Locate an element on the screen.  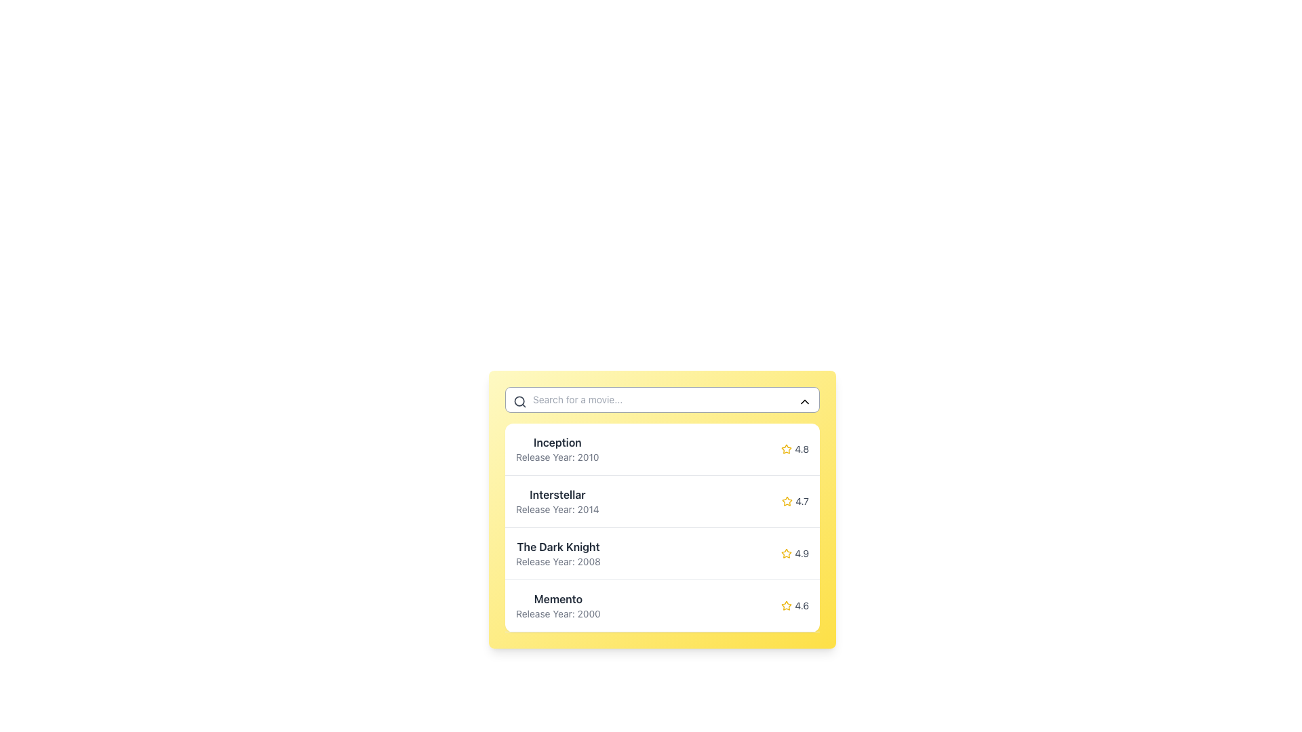
text block containing 'Memento' and 'Release Year: 2000', which is located beneath 'The Dark Knight Release Year: 2008' and above the rating star '4.6' is located at coordinates (558, 605).